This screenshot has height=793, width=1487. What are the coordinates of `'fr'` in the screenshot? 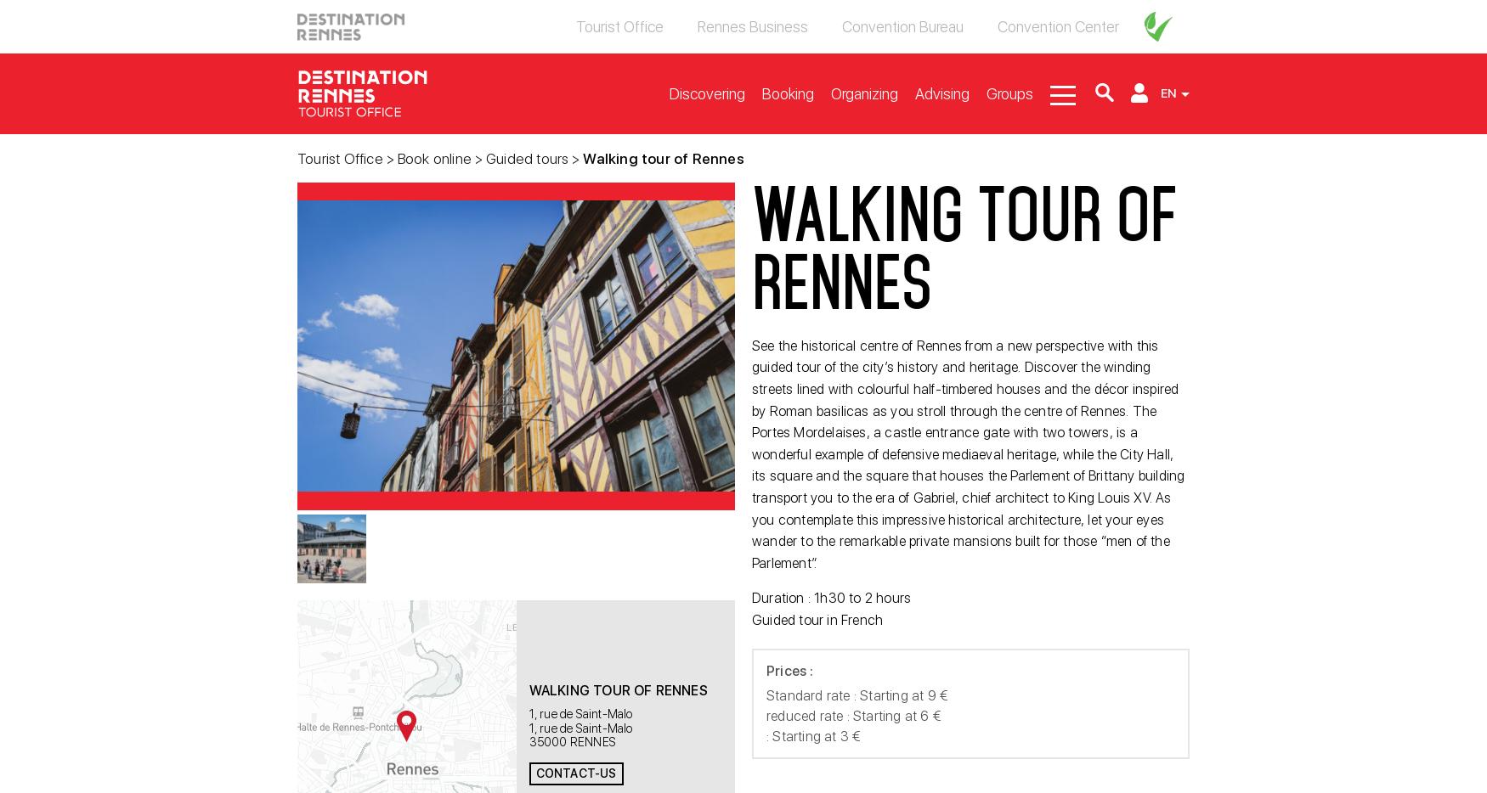 It's located at (1168, 137).